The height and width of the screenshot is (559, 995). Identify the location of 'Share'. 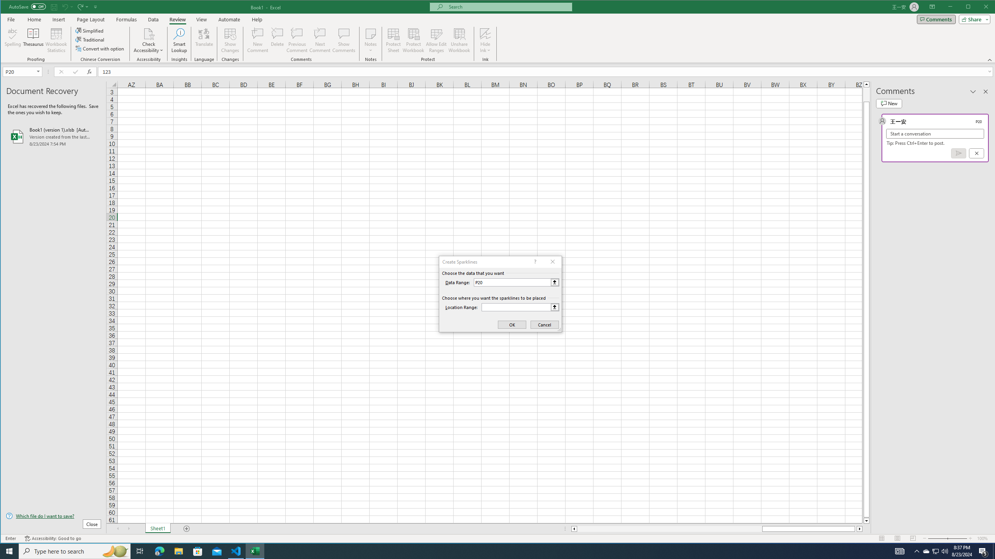
(972, 19).